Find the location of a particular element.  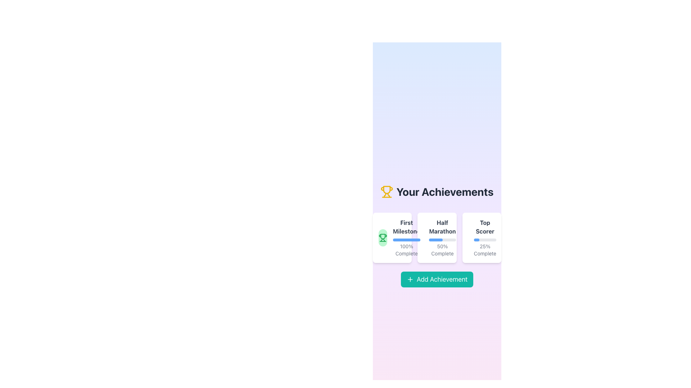

the trophy icon located to the left of the 'Your Achievements' text is located at coordinates (387, 191).